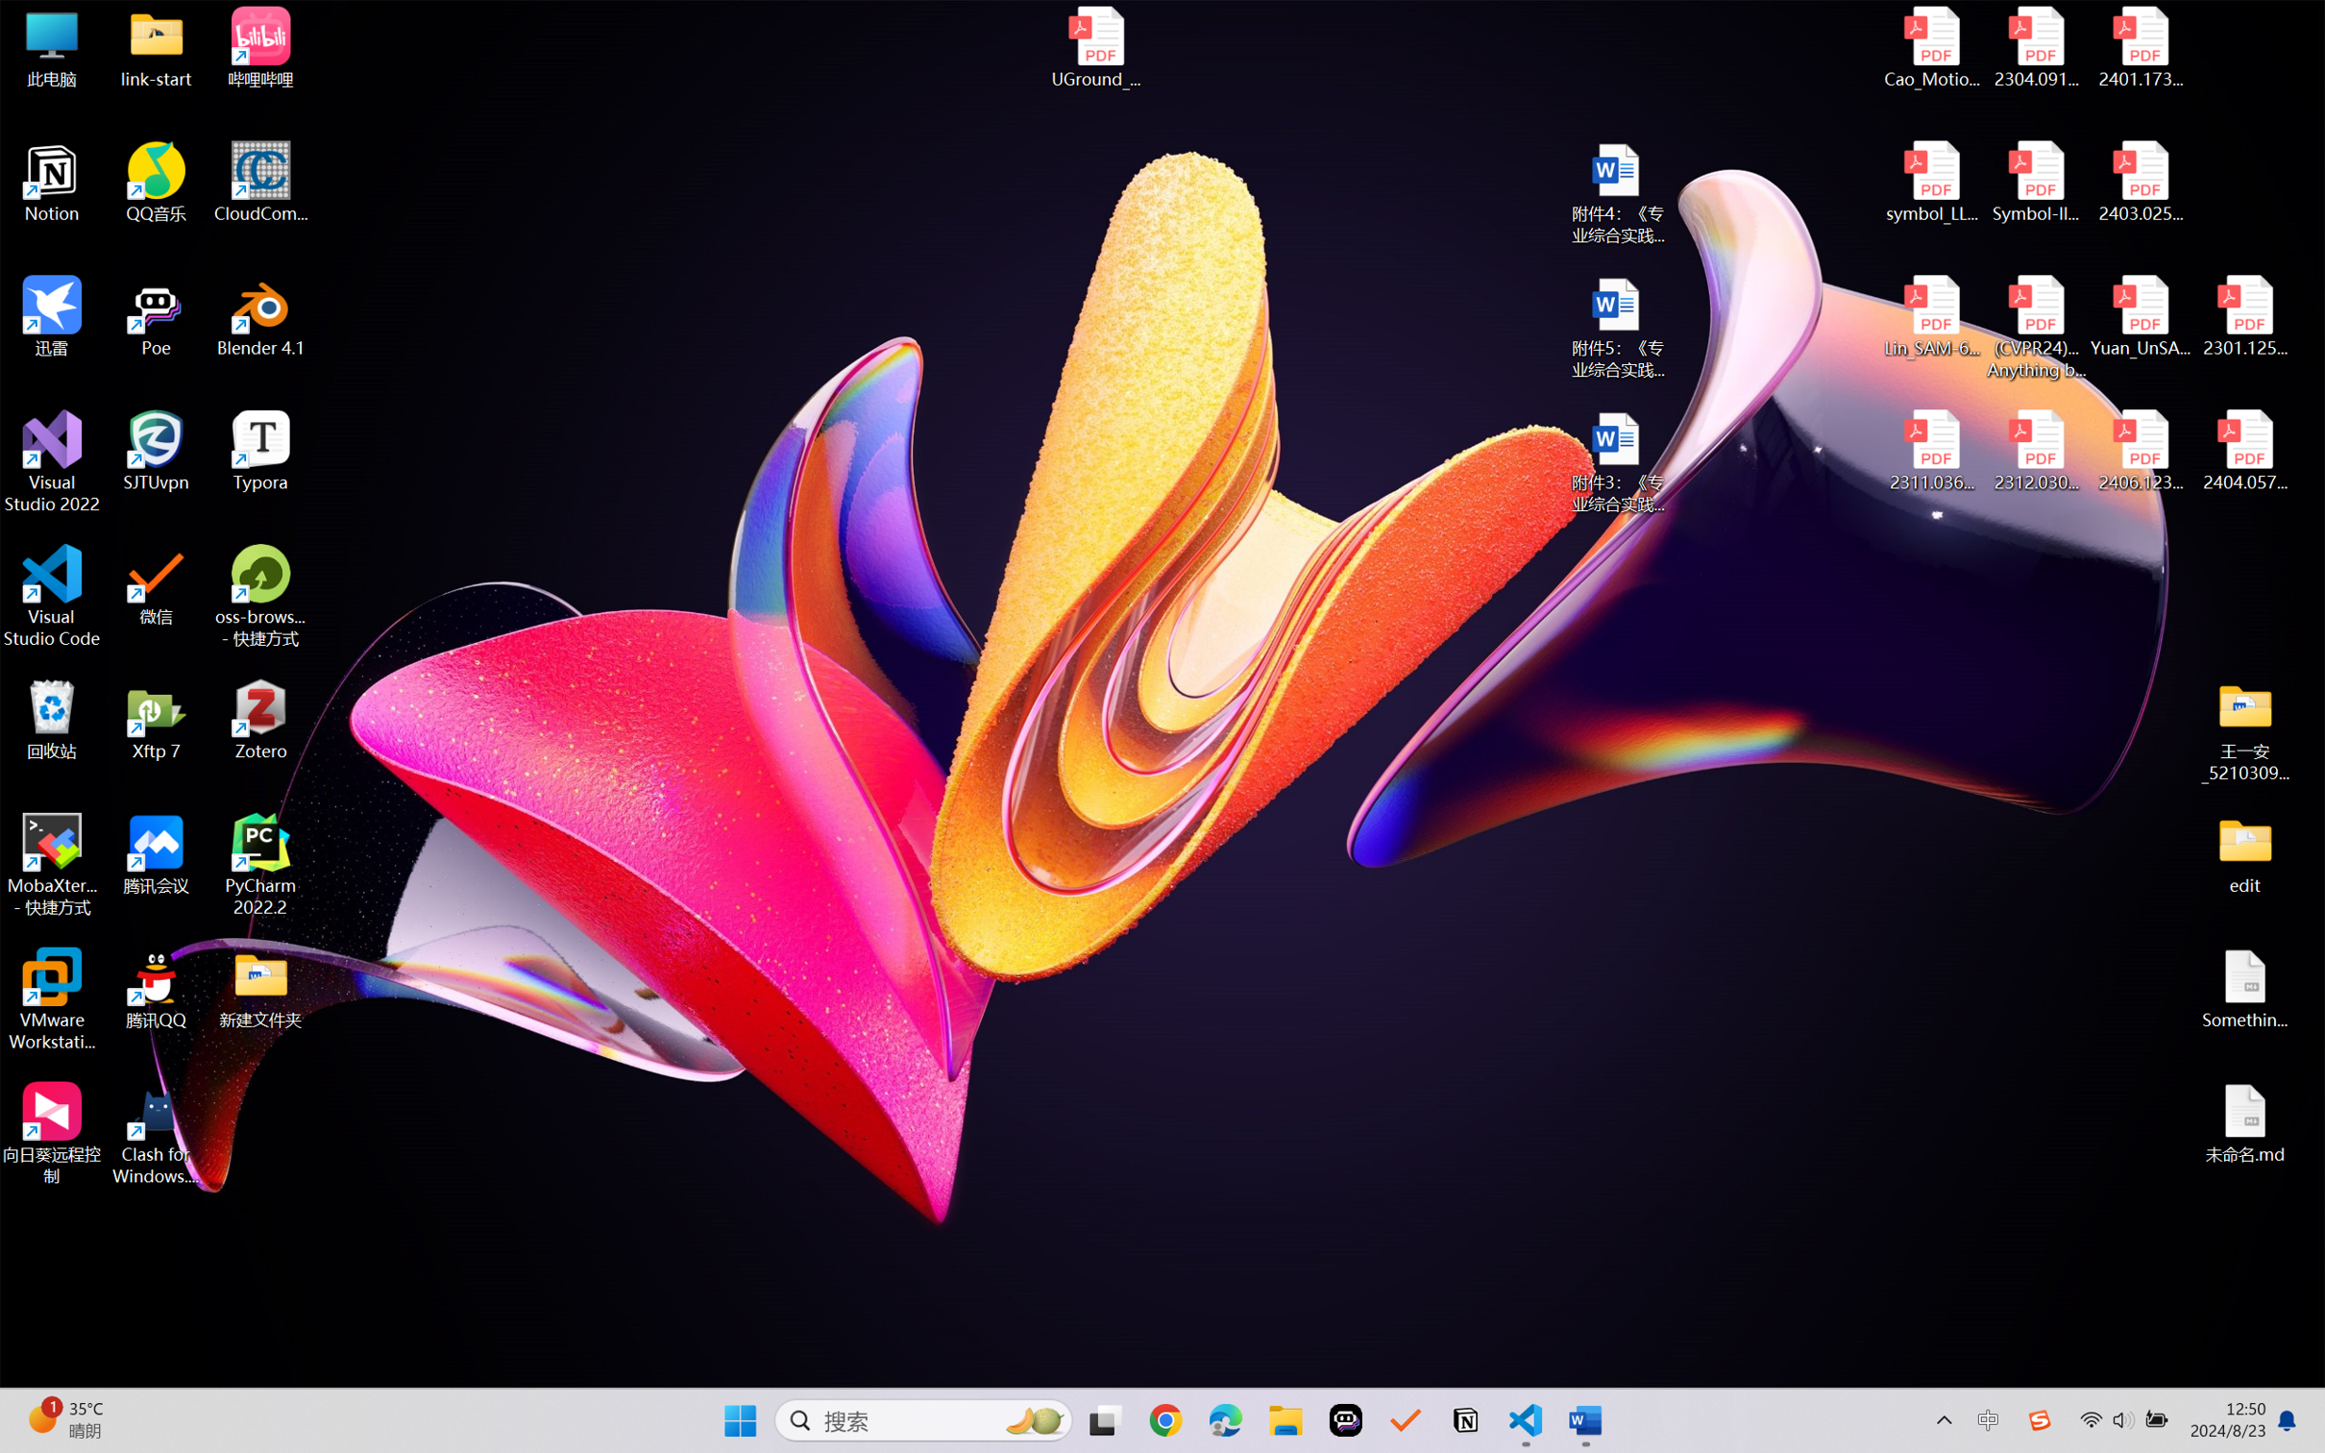  Describe the element at coordinates (2243, 852) in the screenshot. I see `'edit'` at that location.